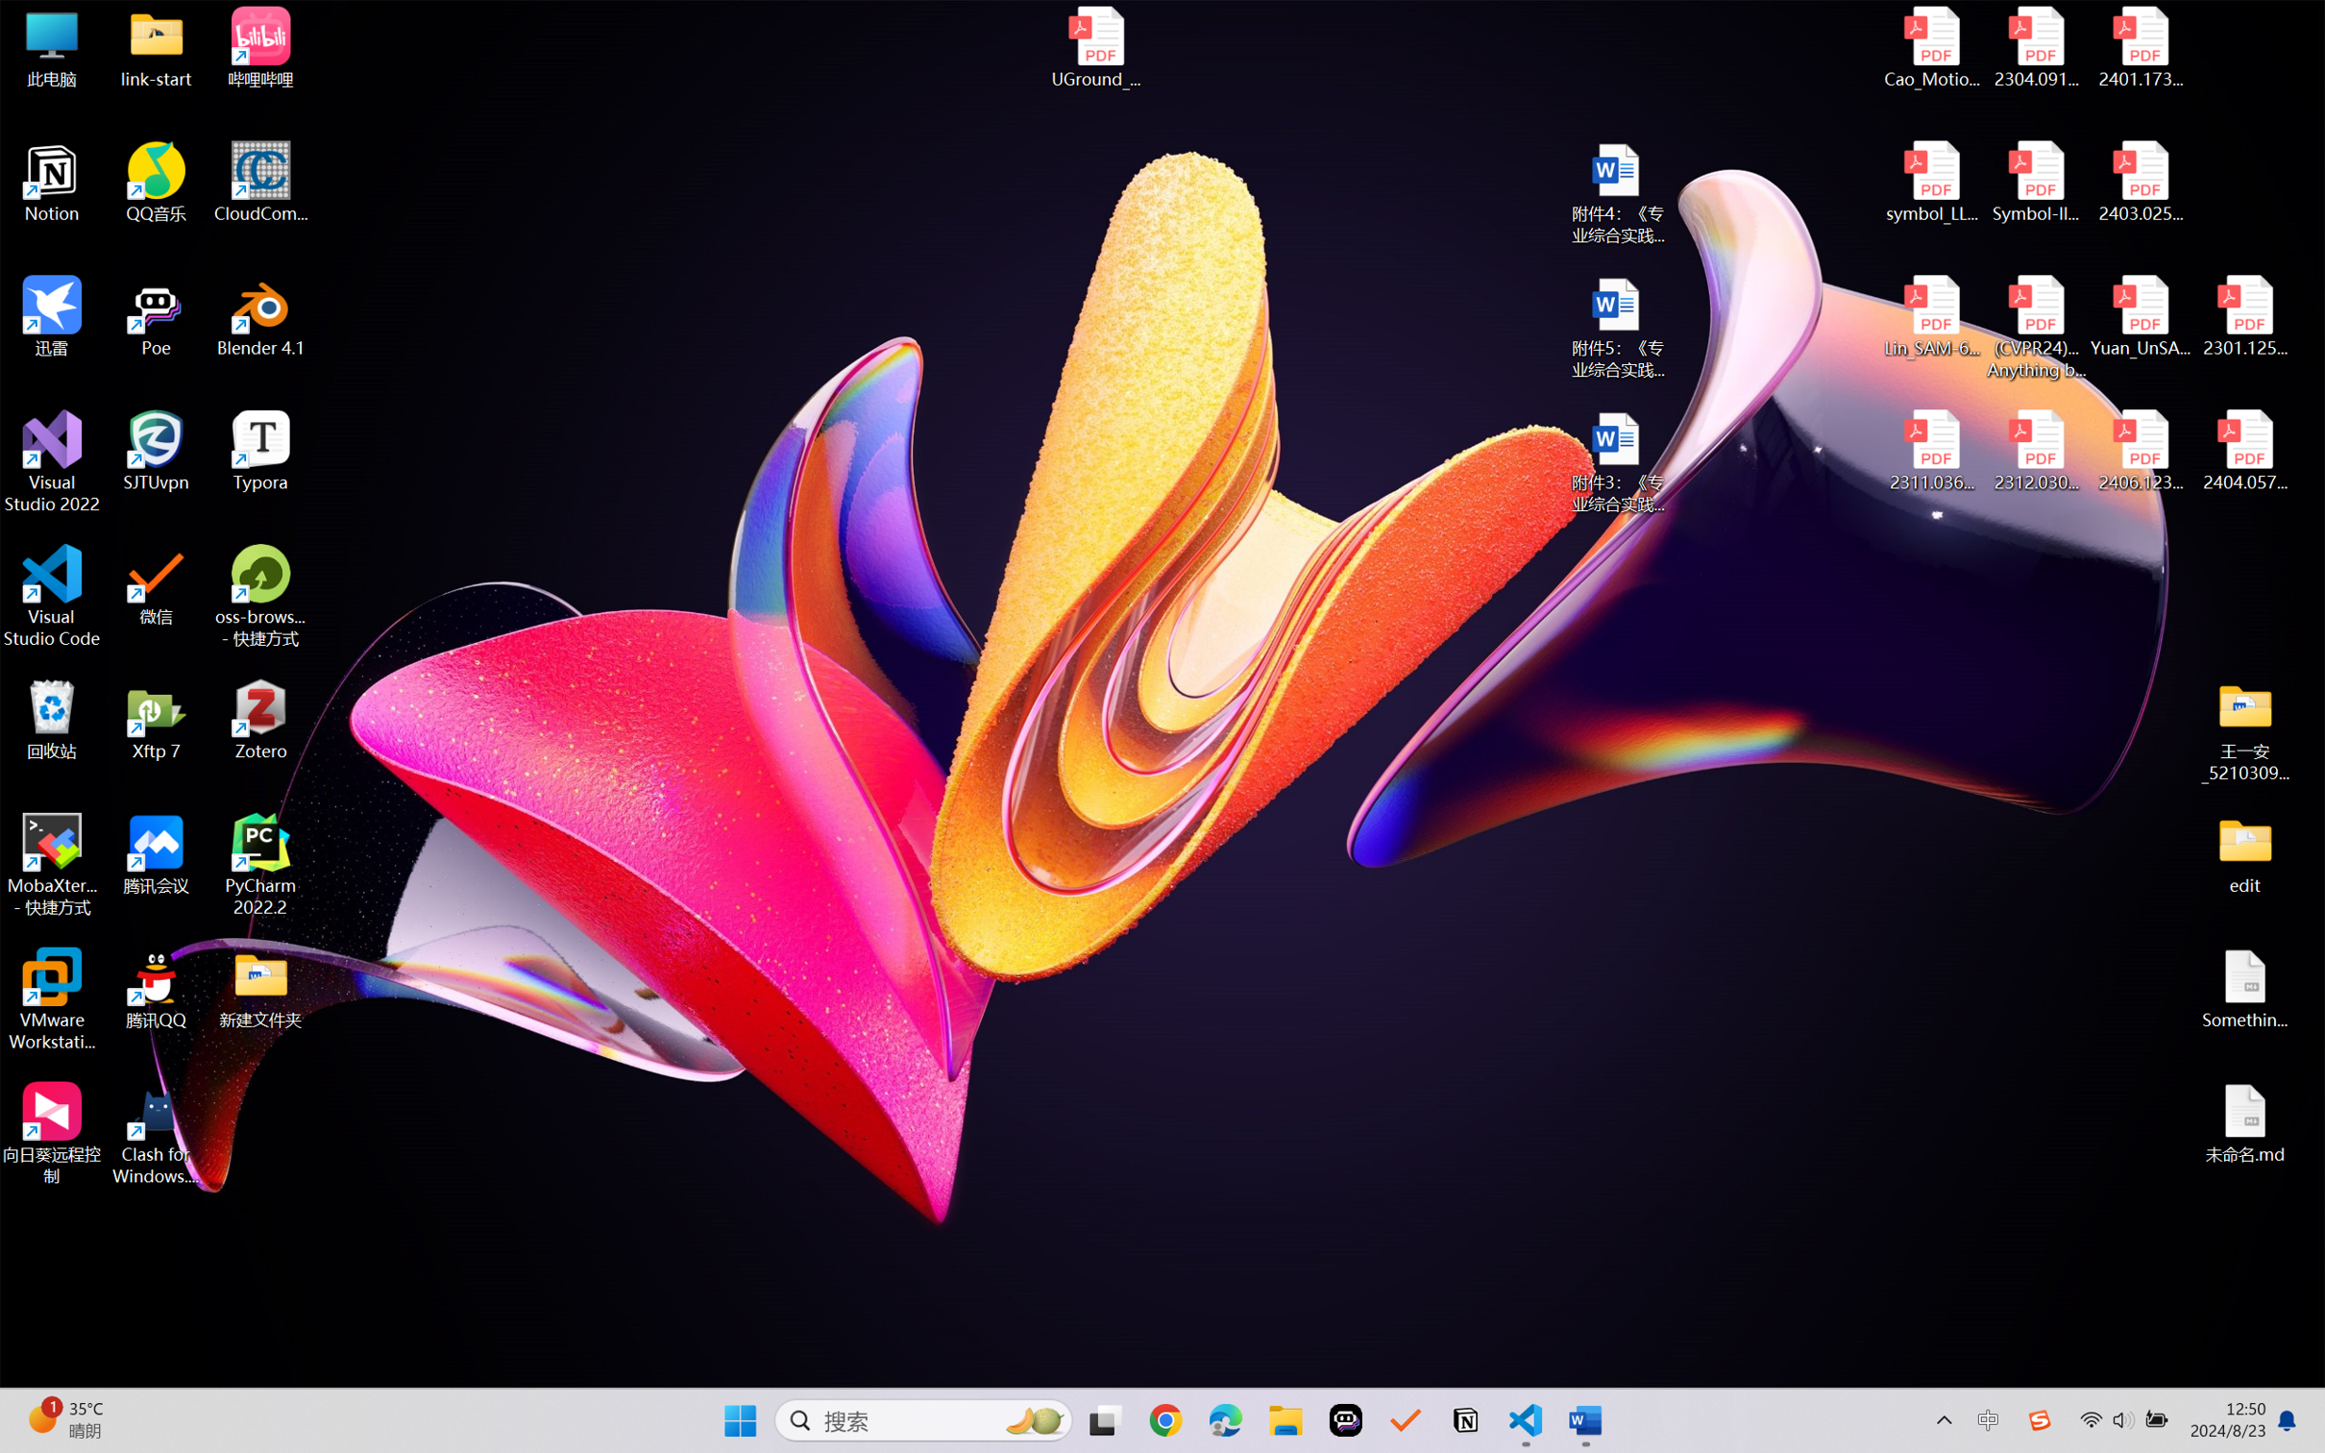  Describe the element at coordinates (2243, 852) in the screenshot. I see `'edit'` at that location.